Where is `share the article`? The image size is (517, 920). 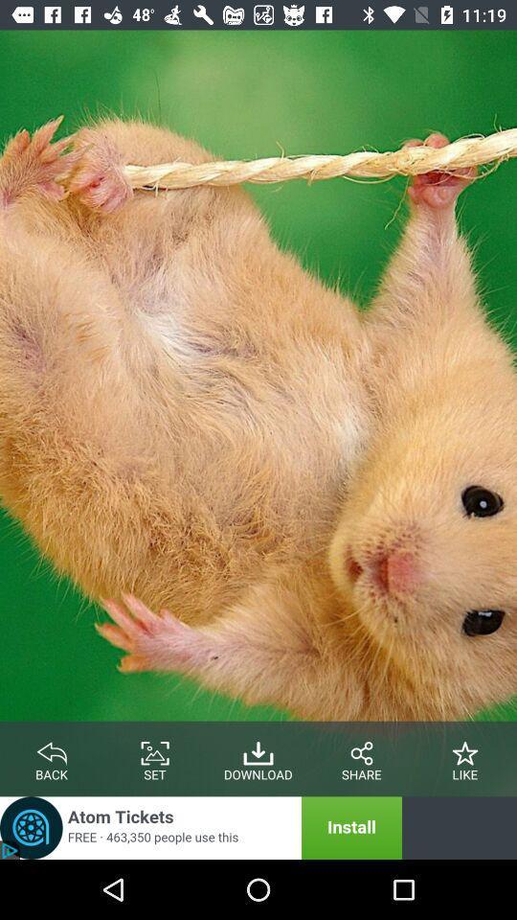
share the article is located at coordinates (362, 749).